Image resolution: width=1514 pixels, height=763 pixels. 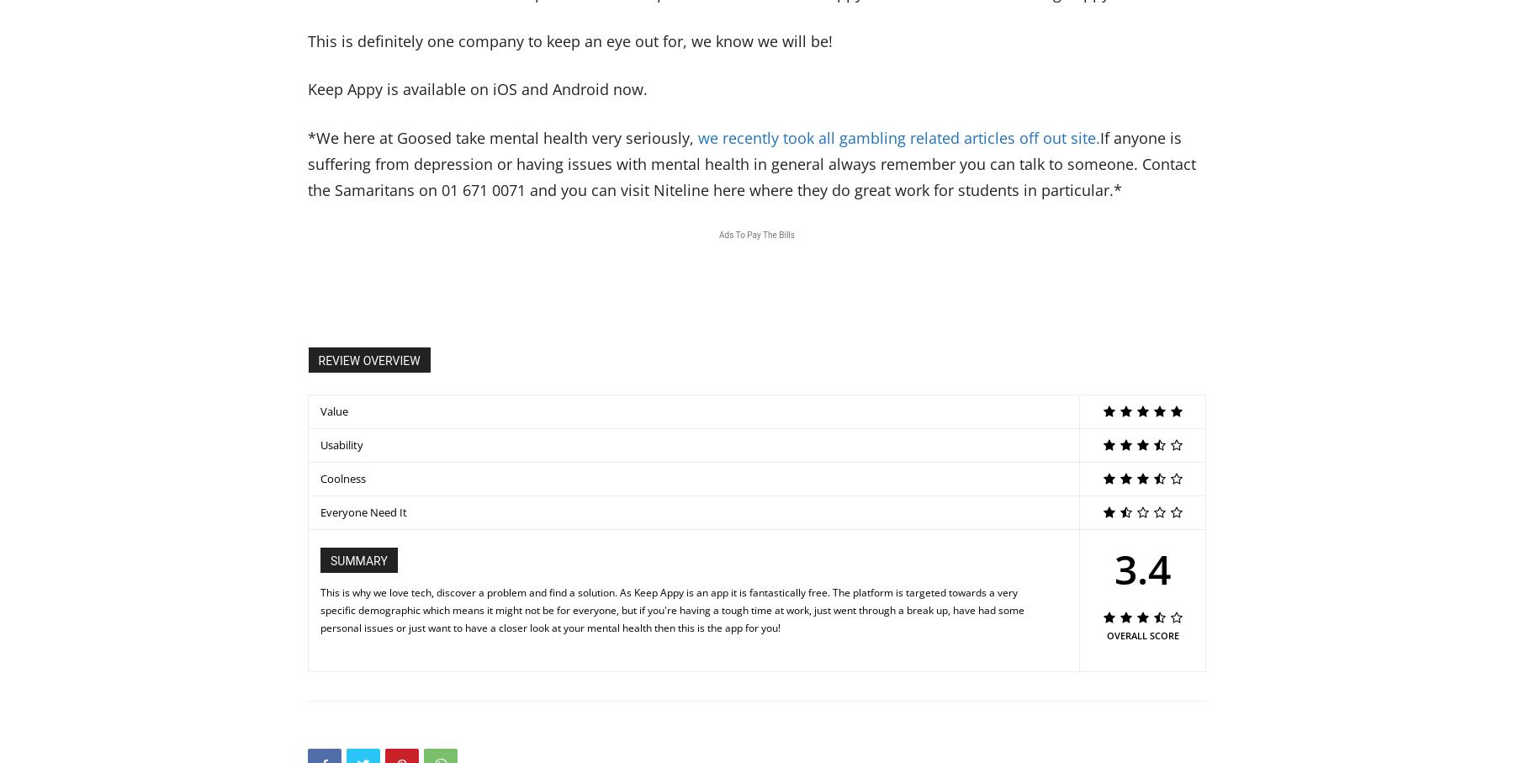 I want to click on 'OVERALL SCORE', so click(x=1141, y=633).